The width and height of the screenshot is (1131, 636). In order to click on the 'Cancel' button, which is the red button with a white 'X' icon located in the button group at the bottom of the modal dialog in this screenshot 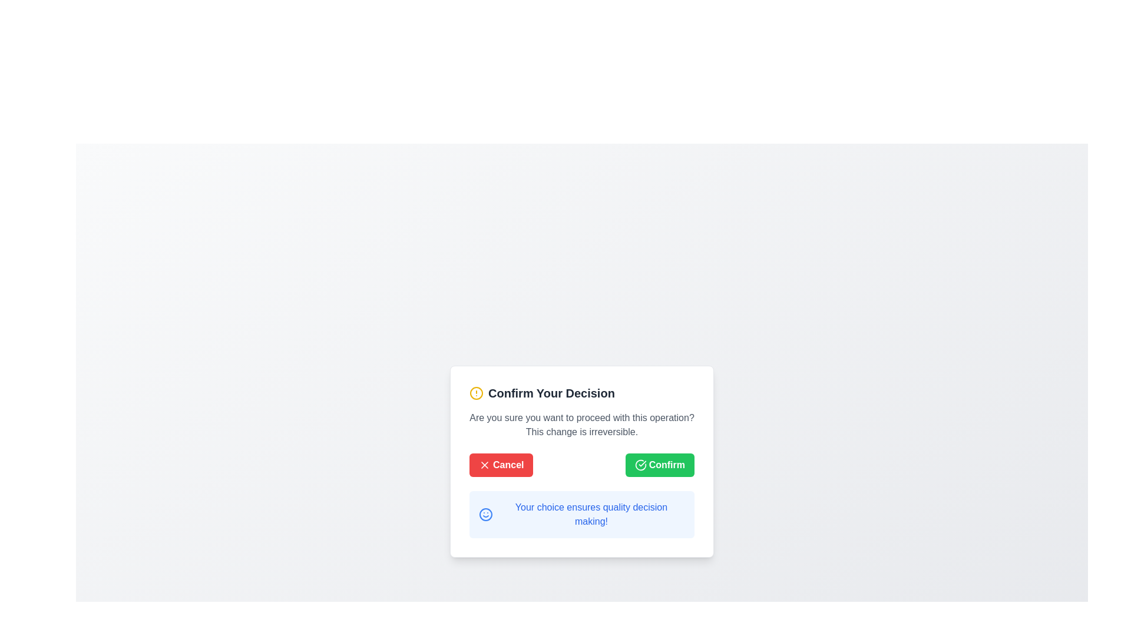, I will do `click(582, 465)`.